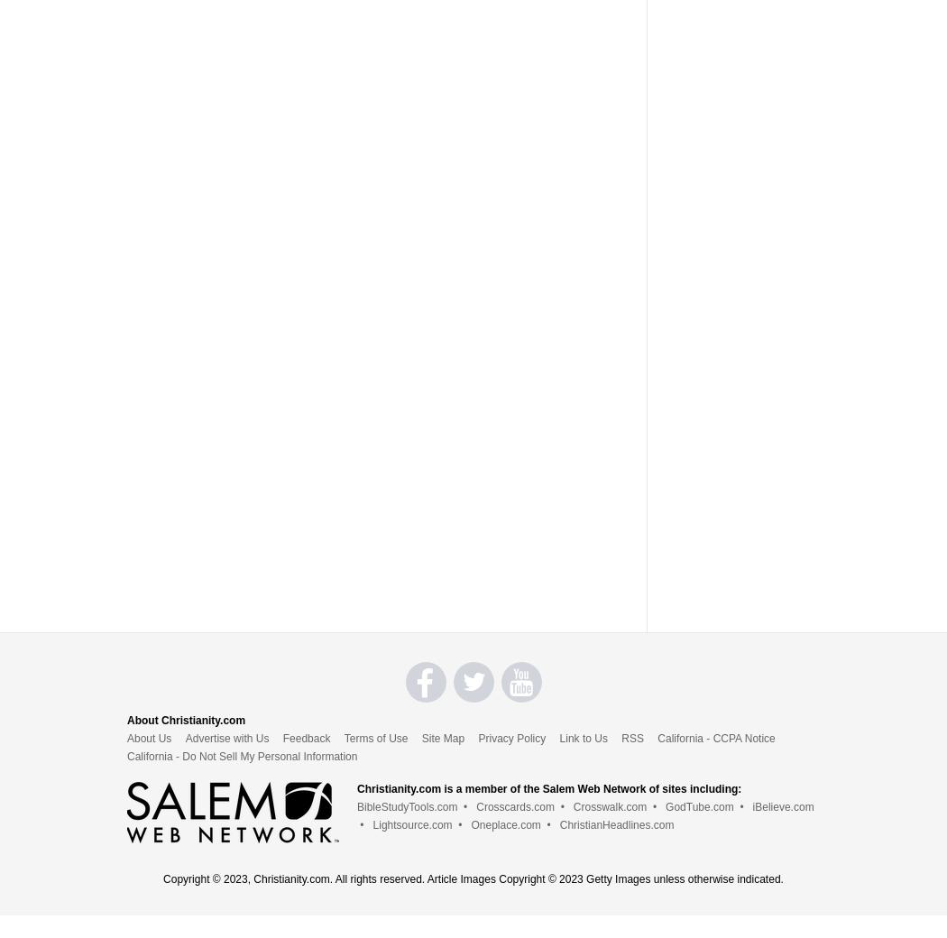  What do you see at coordinates (631, 736) in the screenshot?
I see `'RSS'` at bounding box center [631, 736].